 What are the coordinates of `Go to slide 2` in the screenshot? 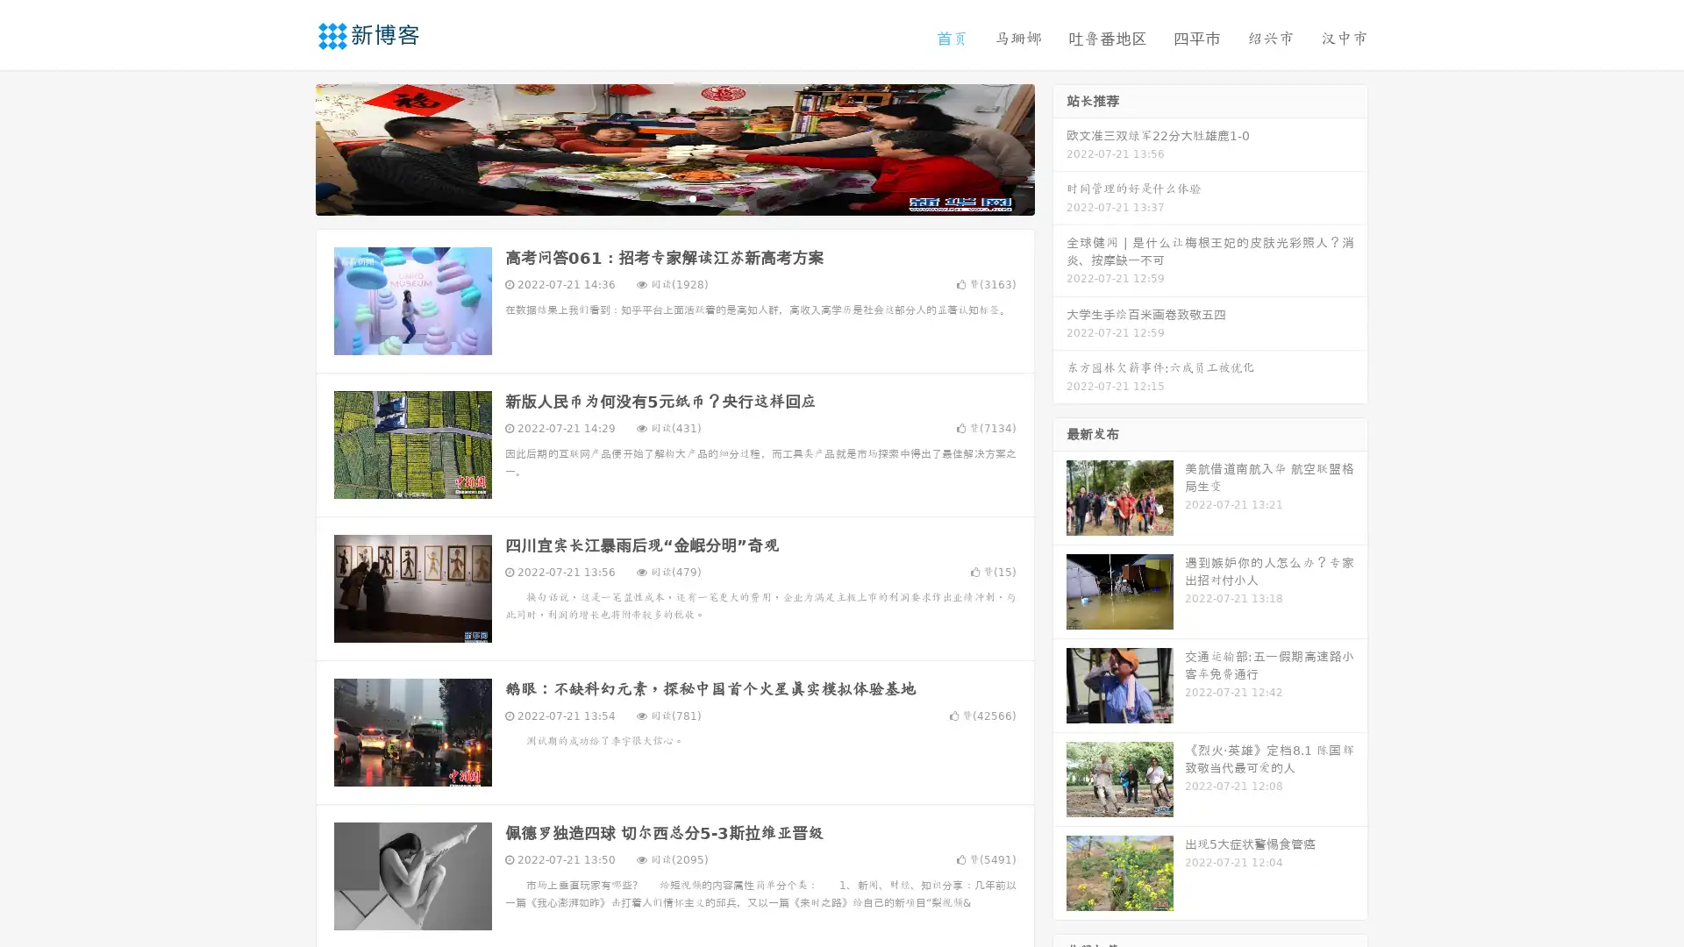 It's located at (674, 197).